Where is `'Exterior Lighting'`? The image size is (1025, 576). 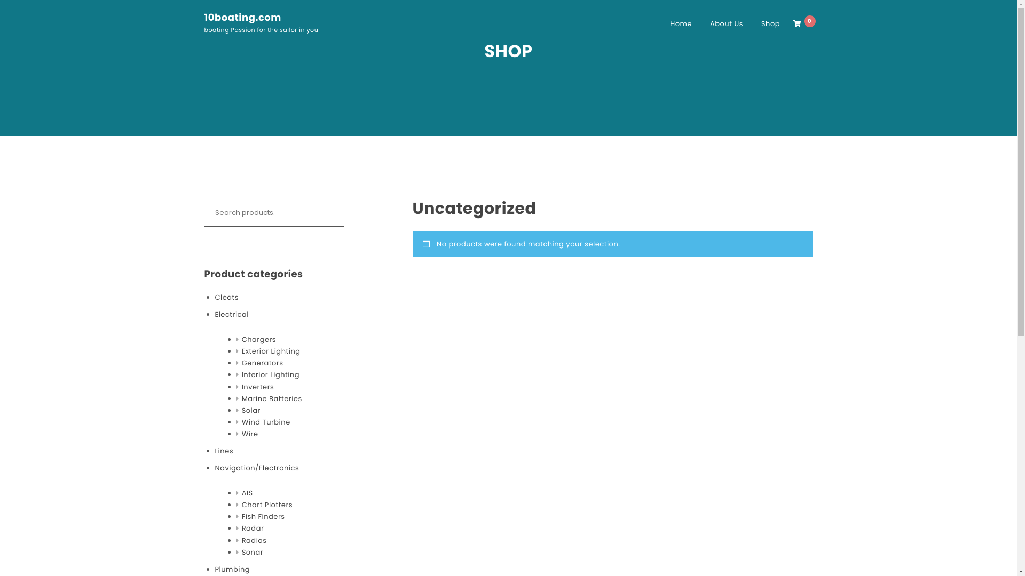
'Exterior Lighting' is located at coordinates (271, 351).